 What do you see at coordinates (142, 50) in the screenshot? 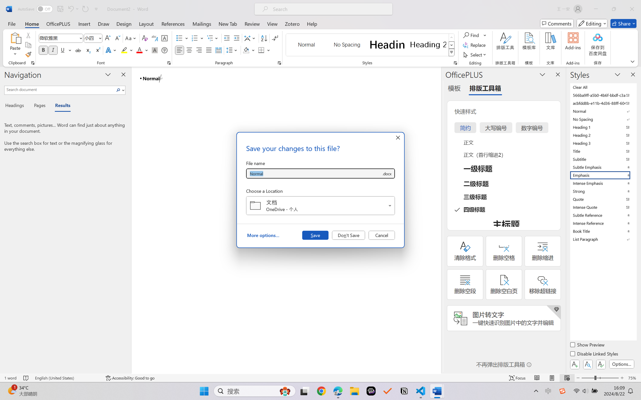
I see `'Font Color'` at bounding box center [142, 50].